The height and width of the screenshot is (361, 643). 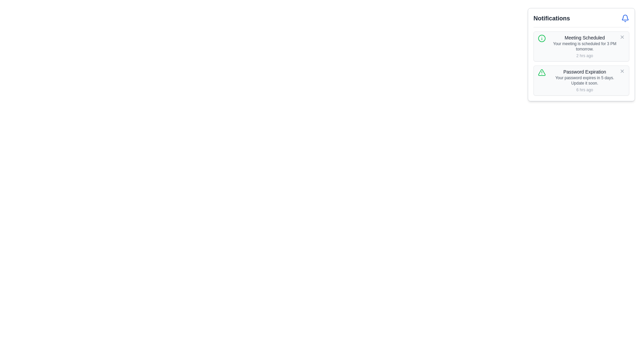 I want to click on the text block displaying the label 'Password Expiration' in the notification card, which is styled with a medium font size and gray color, located at the upper section of the second notification in the vertical notifications list, so click(x=584, y=72).